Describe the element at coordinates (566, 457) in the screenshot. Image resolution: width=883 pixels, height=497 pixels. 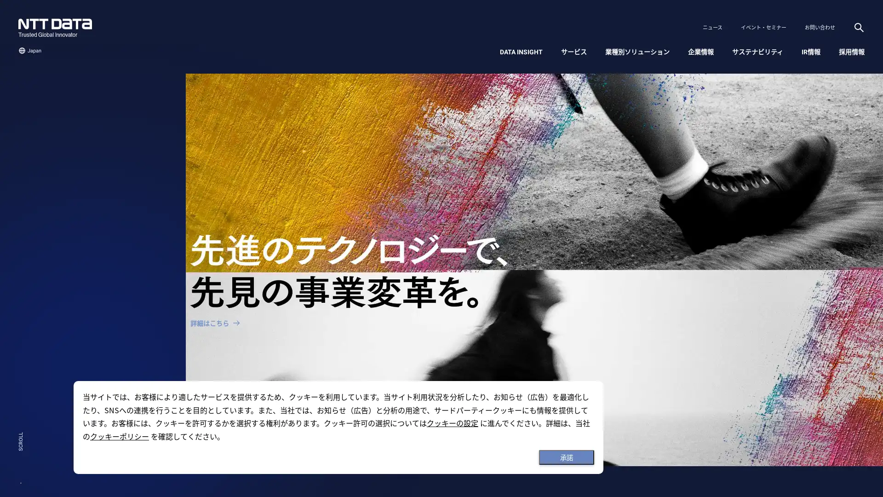
I see `Close consent Widget` at that location.